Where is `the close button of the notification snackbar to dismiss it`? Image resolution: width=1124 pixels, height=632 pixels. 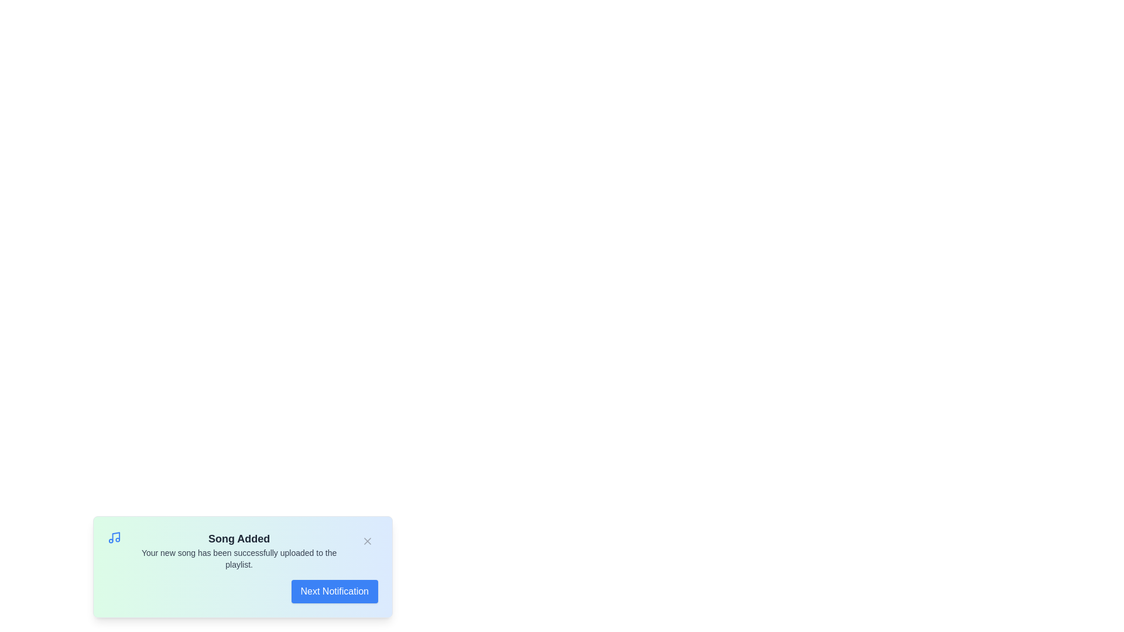 the close button of the notification snackbar to dismiss it is located at coordinates (367, 541).